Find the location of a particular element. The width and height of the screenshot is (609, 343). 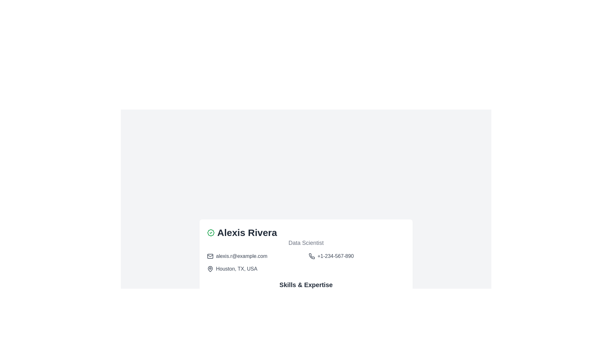

the phone contact icon located in the profile section of the user interface is located at coordinates (312, 256).